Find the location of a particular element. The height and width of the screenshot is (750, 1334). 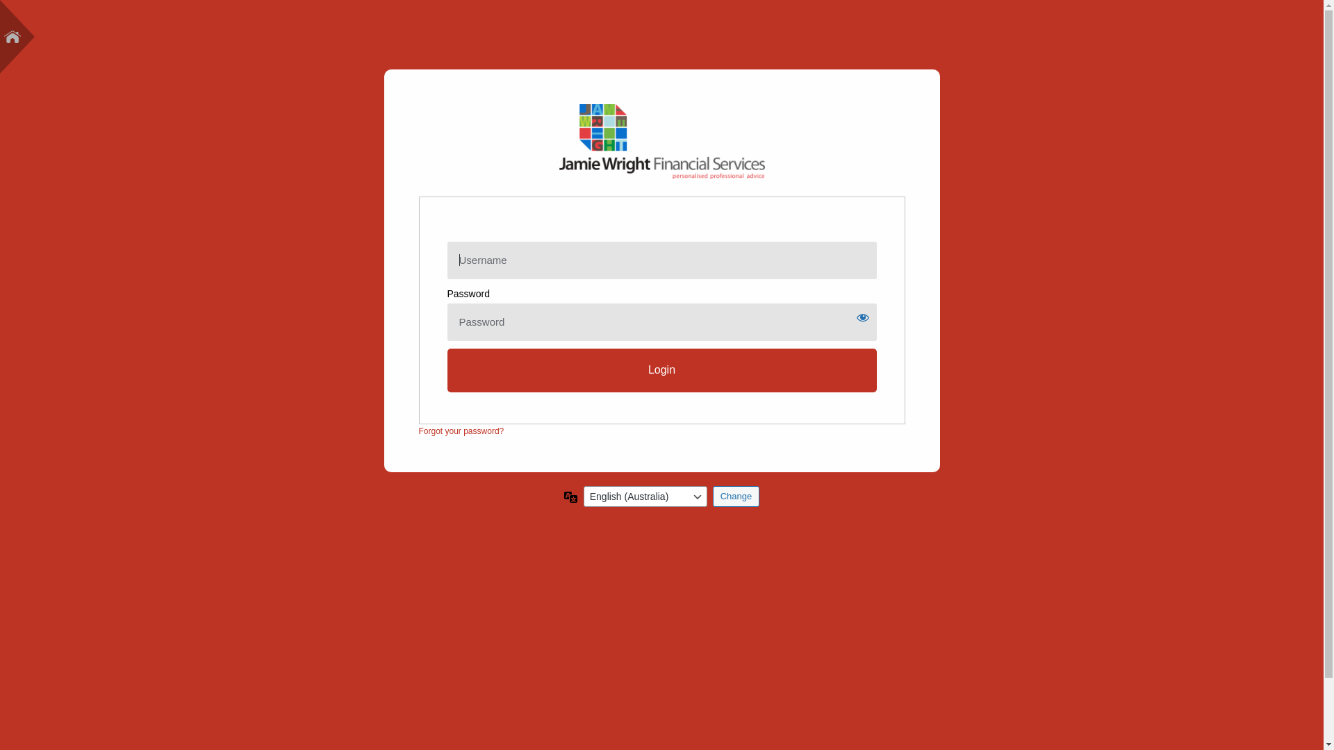

'Forgot your password?' is located at coordinates (417, 431).